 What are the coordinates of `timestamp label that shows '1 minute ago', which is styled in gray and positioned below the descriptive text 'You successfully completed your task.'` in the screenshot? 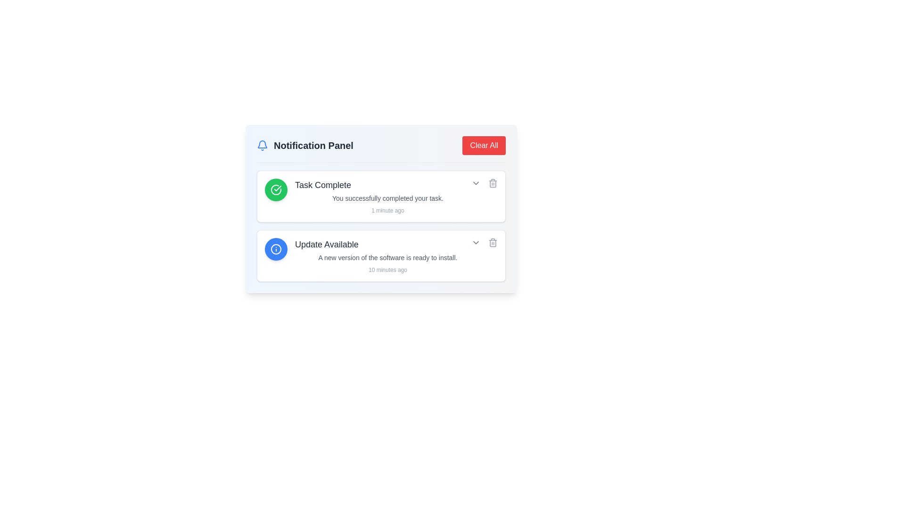 It's located at (387, 210).